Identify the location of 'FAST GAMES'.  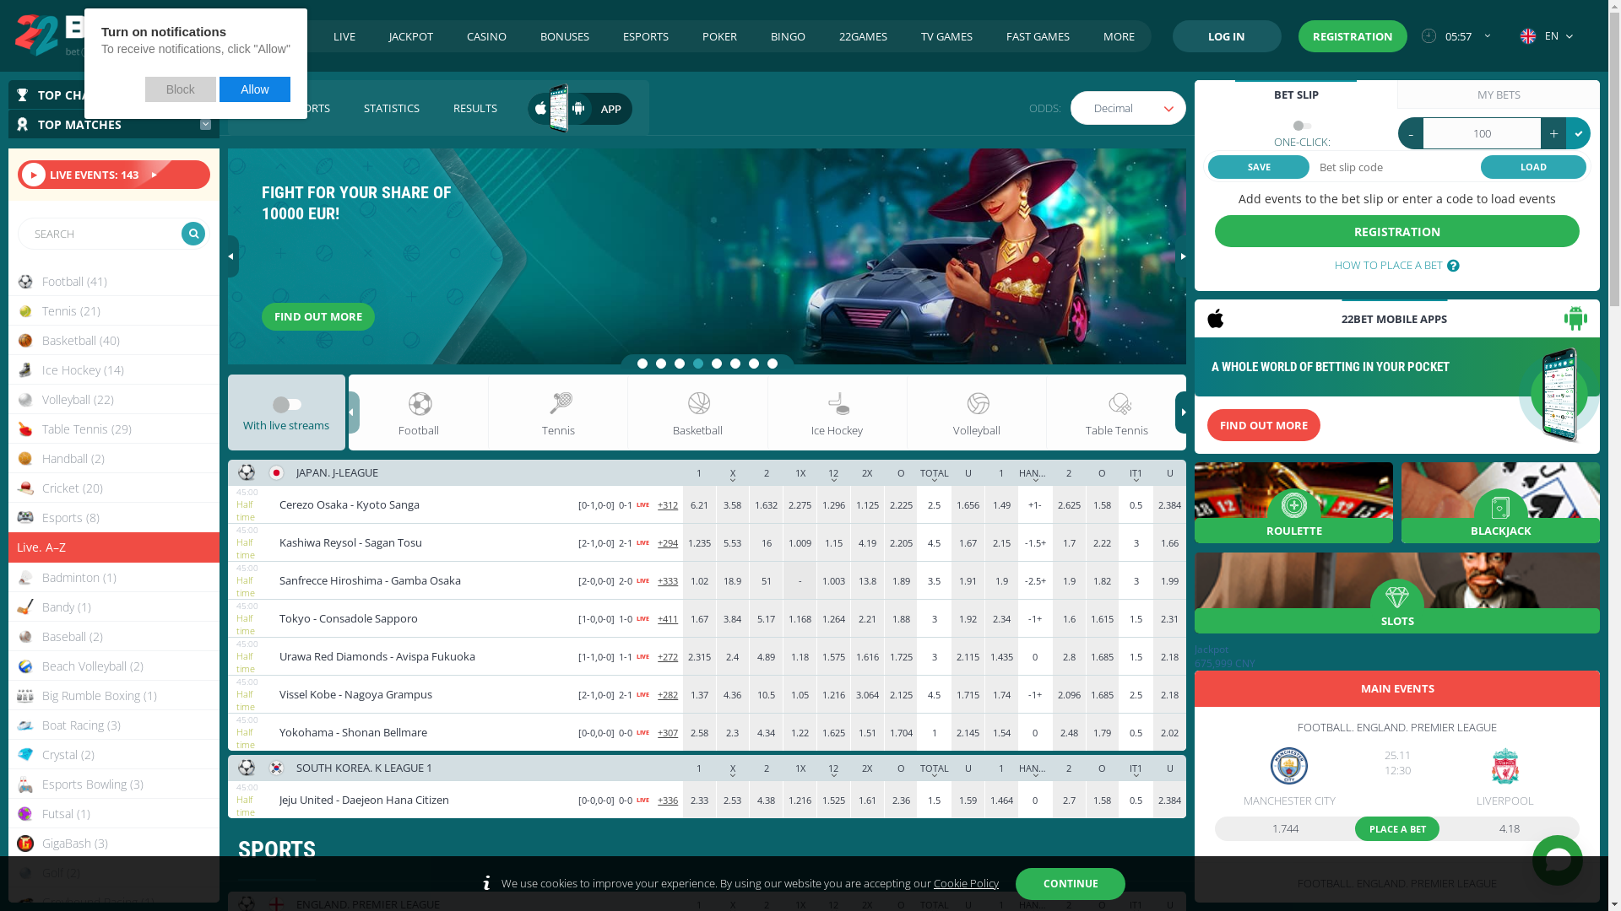
(1037, 35).